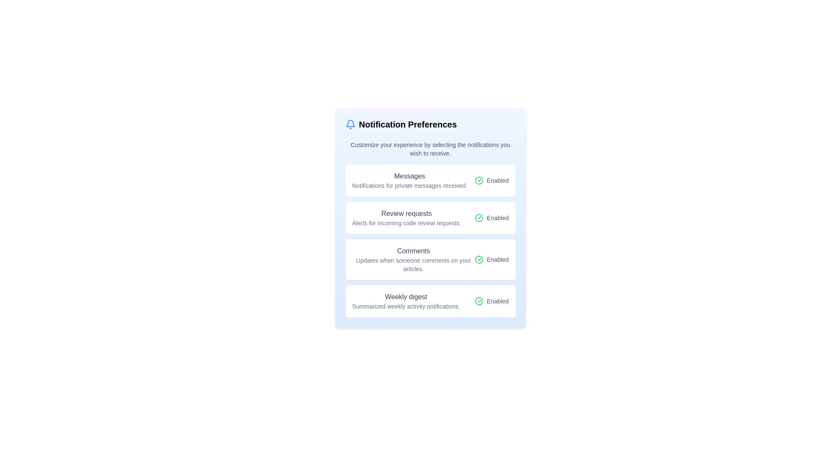 Image resolution: width=817 pixels, height=459 pixels. I want to click on the text label that reads 'Updates when someone comments on your articles.', which is styled in a smaller gray font and positioned directly below the 'Comments' heading in the notification preference settings, so click(413, 264).